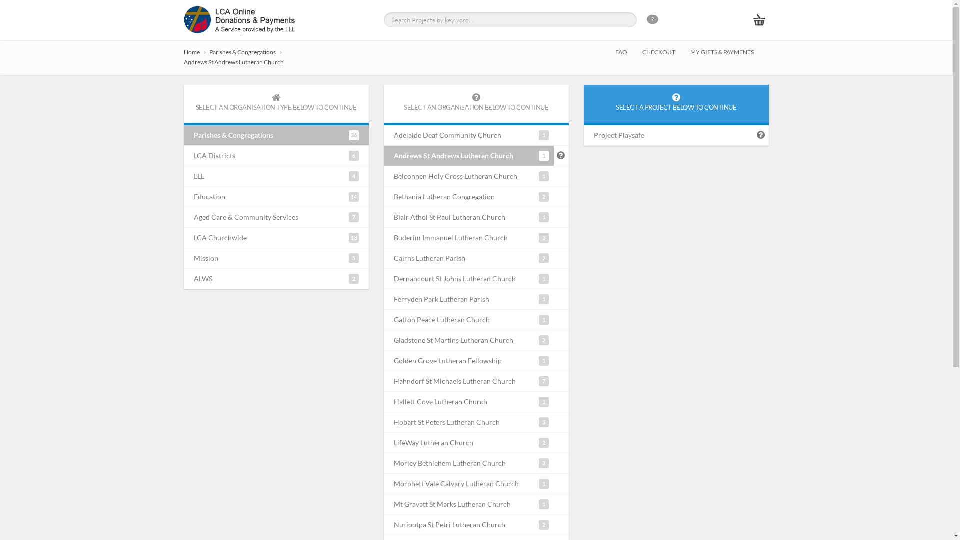  I want to click on '1, so click(468, 176).